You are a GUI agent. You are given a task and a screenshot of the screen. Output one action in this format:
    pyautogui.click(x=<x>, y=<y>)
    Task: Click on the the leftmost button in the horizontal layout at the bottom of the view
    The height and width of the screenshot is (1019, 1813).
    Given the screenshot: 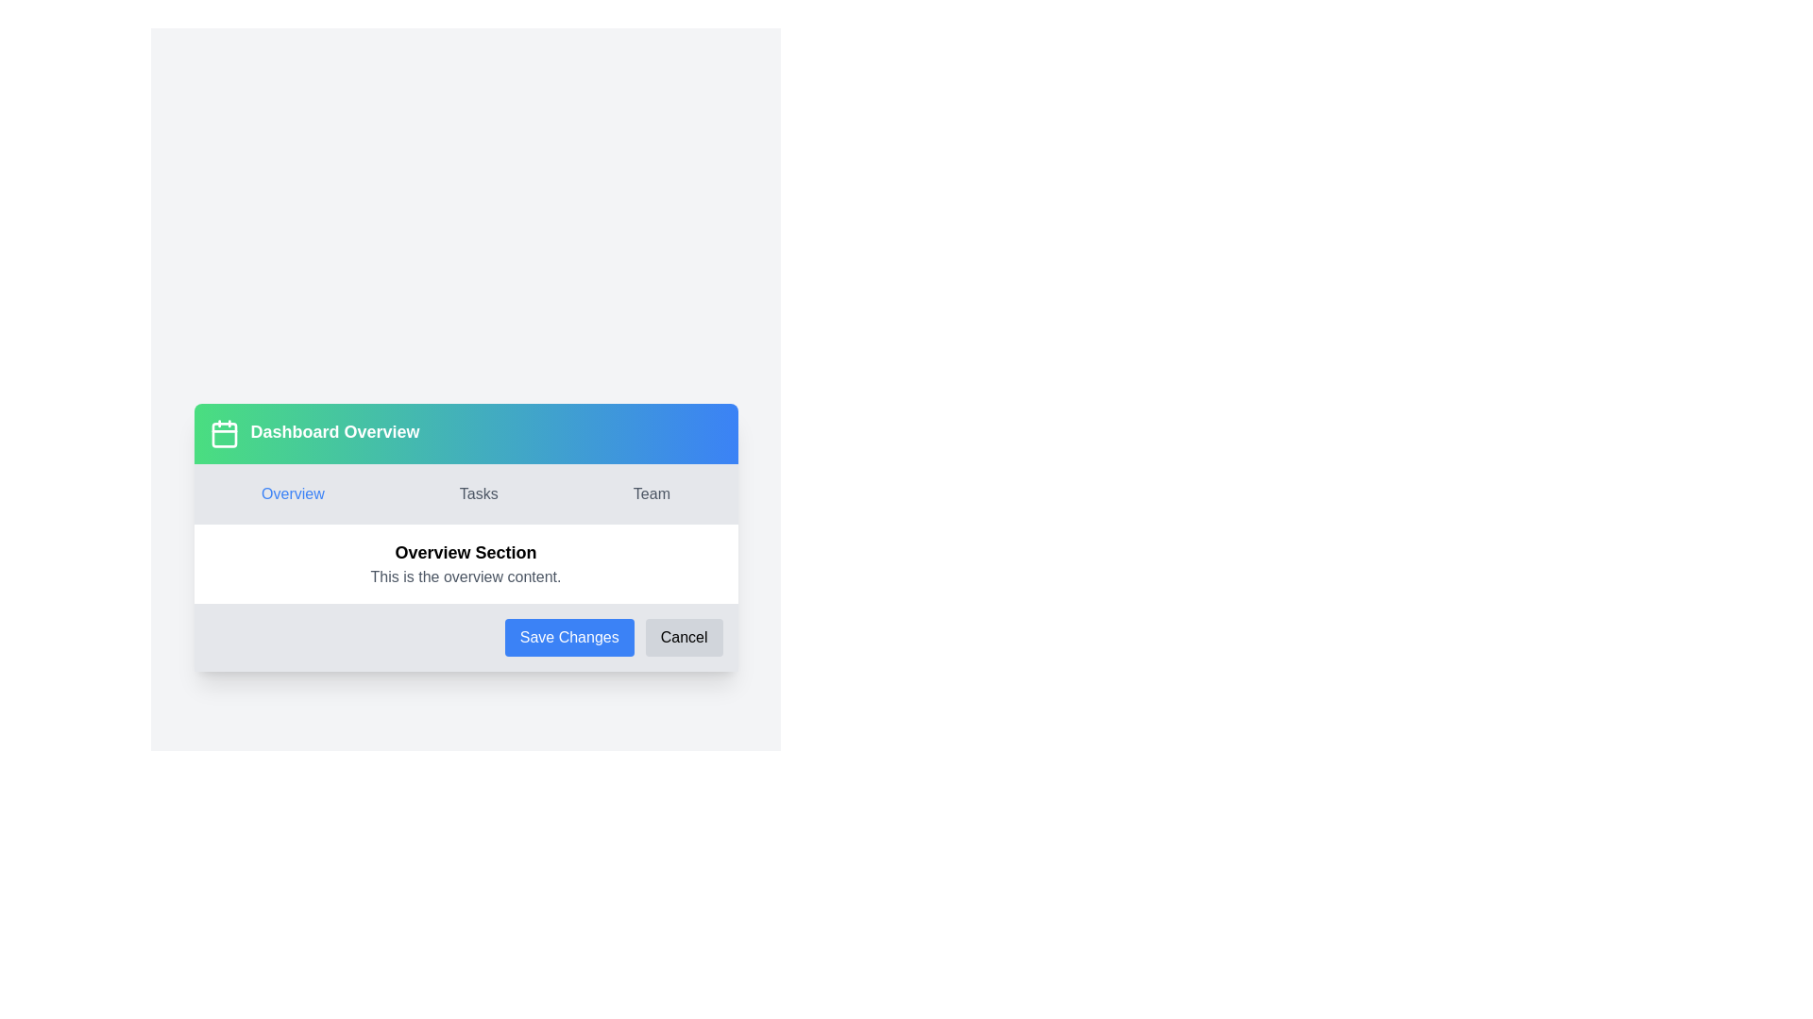 What is the action you would take?
    pyautogui.click(x=568, y=637)
    